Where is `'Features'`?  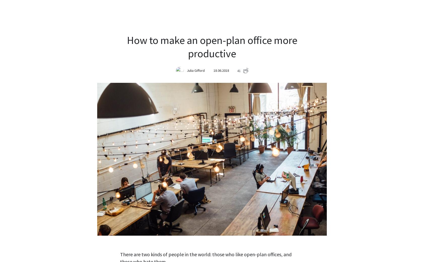
'Features' is located at coordinates (186, 11).